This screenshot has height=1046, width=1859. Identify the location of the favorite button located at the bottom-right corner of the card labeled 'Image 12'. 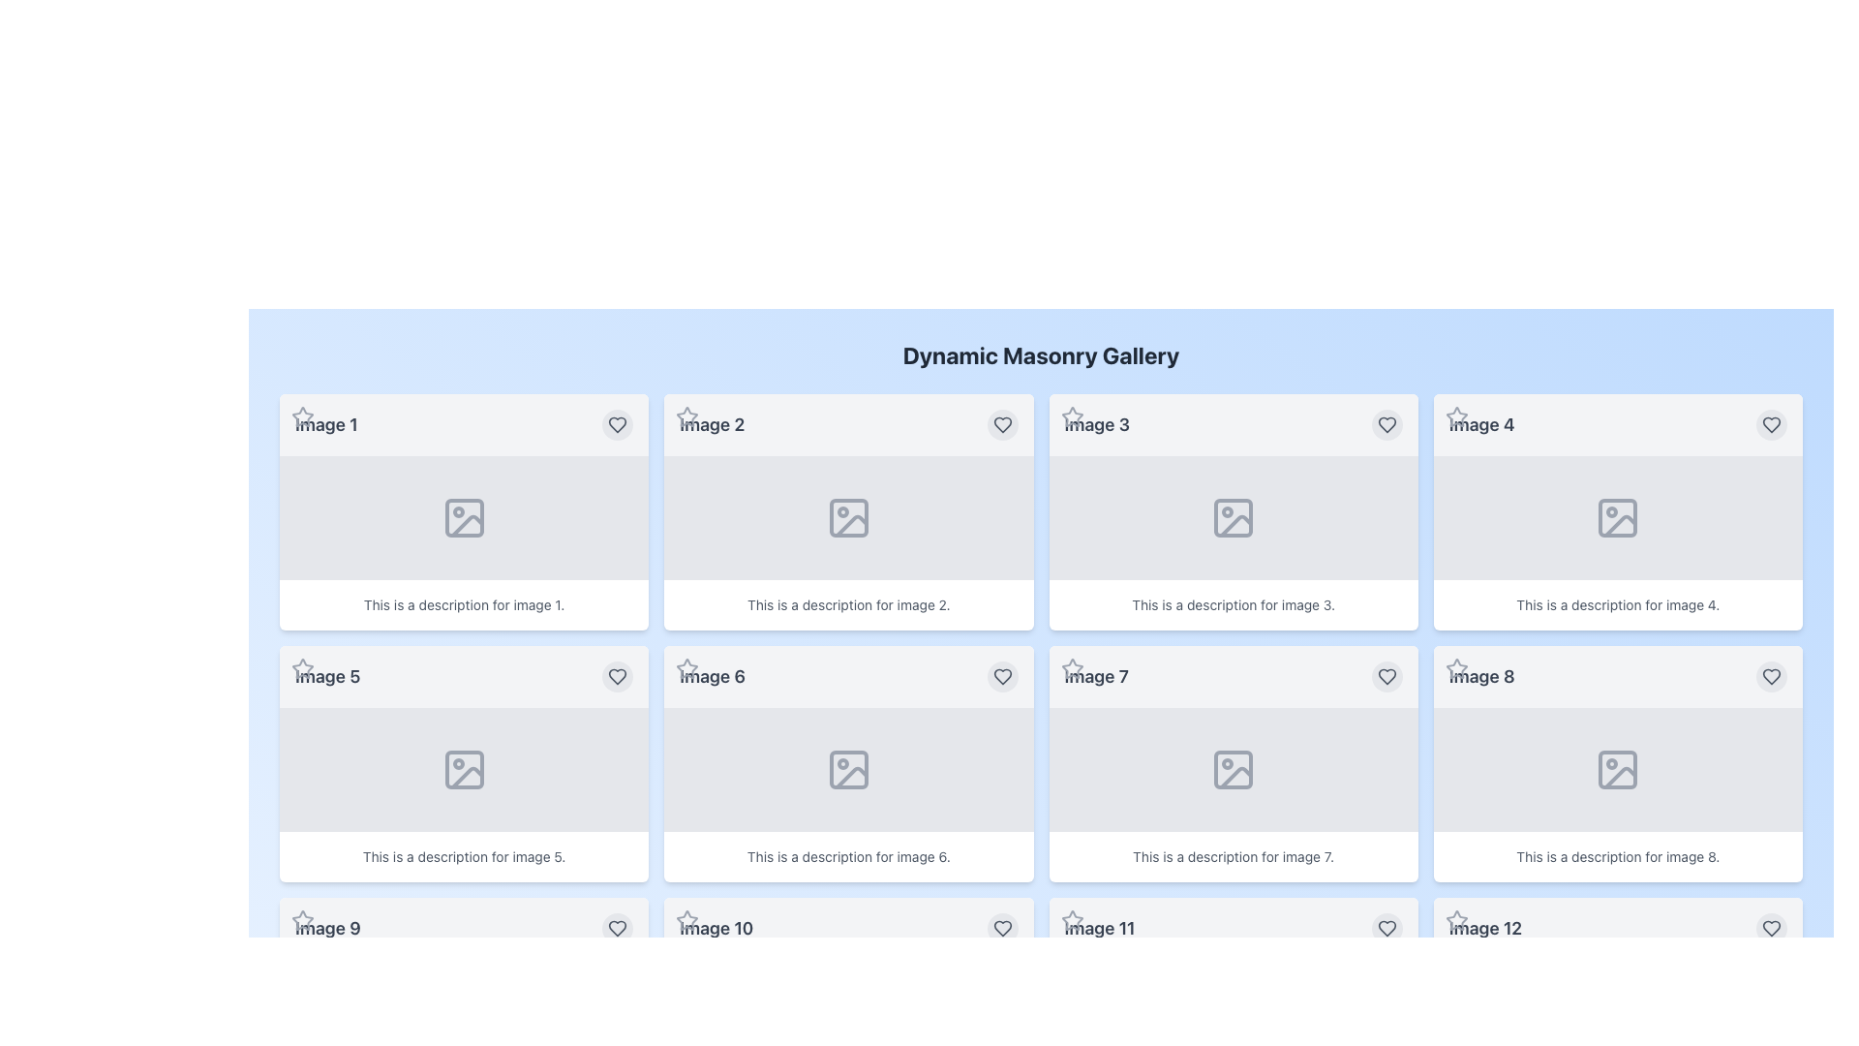
(1771, 928).